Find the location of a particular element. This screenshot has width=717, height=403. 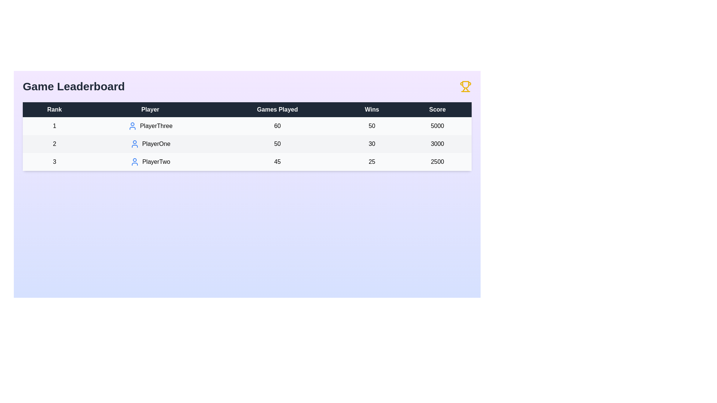

the player information displayed as 'PlayerThree' next to the blue user icon in the first row of the leaderboard table is located at coordinates (150, 126).